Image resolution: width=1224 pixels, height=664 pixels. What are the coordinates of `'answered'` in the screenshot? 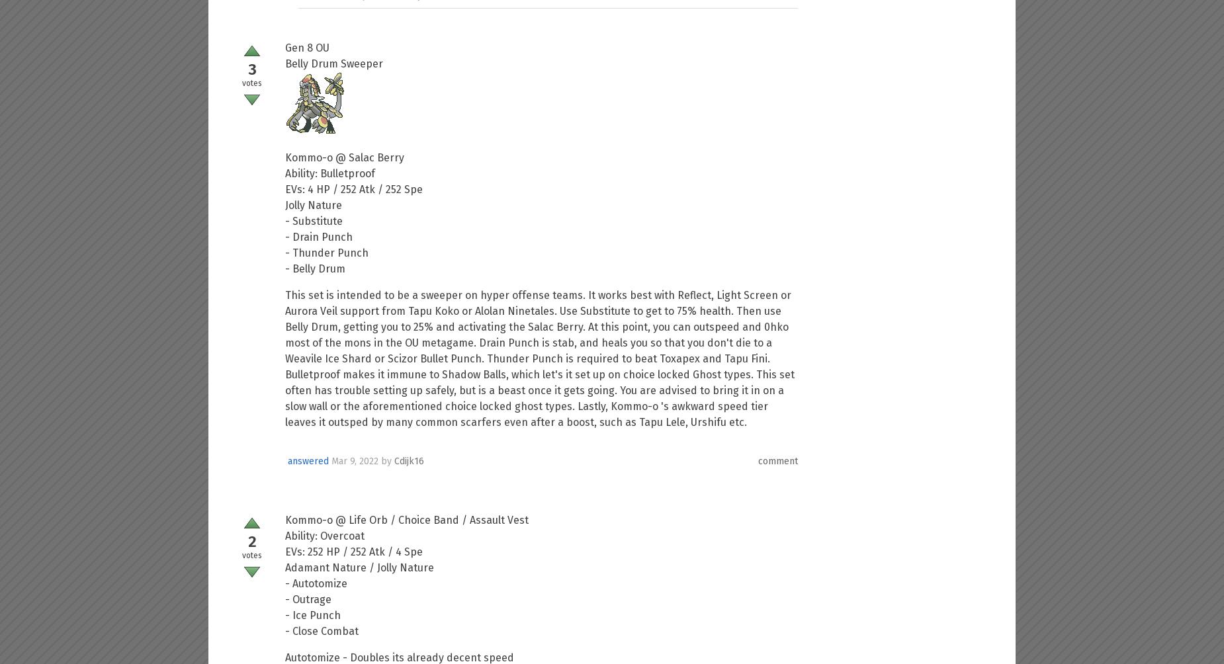 It's located at (308, 460).